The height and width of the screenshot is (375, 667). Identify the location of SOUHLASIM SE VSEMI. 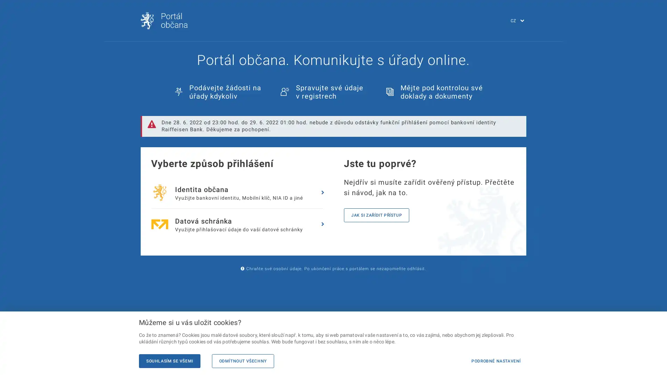
(170, 361).